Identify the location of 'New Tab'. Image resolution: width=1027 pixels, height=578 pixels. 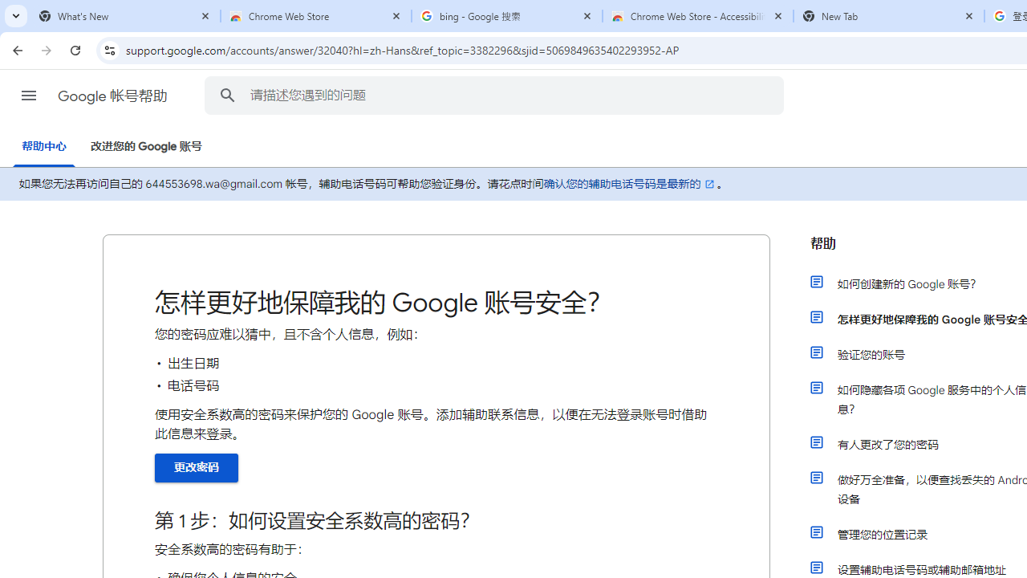
(888, 16).